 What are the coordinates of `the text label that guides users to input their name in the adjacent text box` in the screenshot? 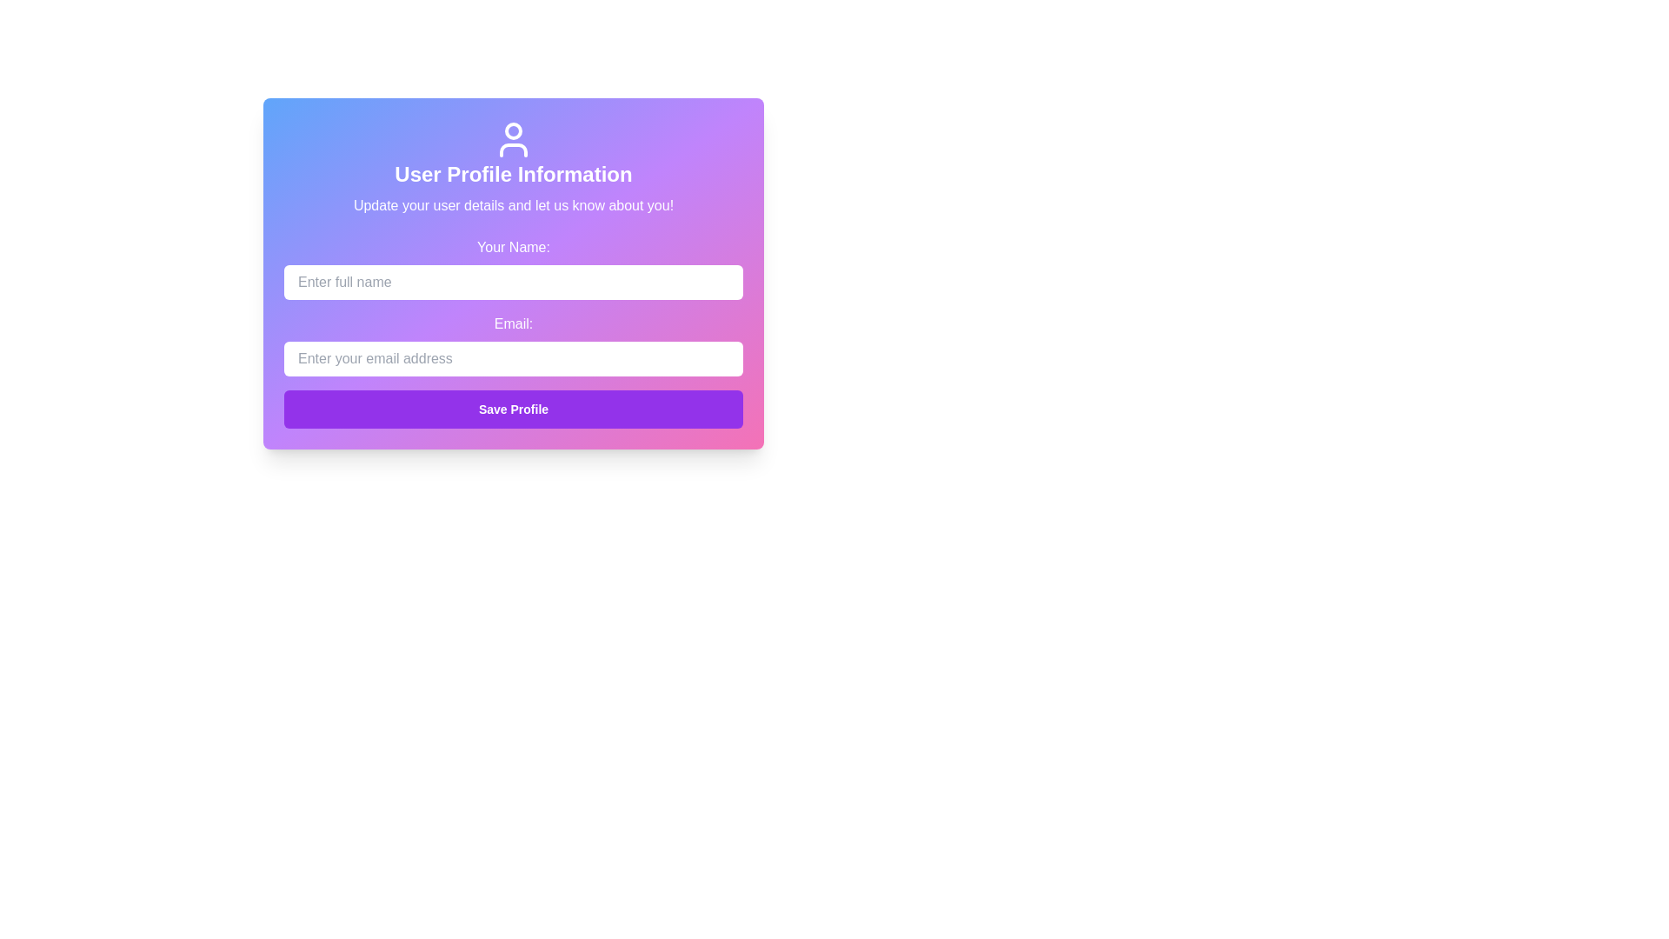 It's located at (512, 248).